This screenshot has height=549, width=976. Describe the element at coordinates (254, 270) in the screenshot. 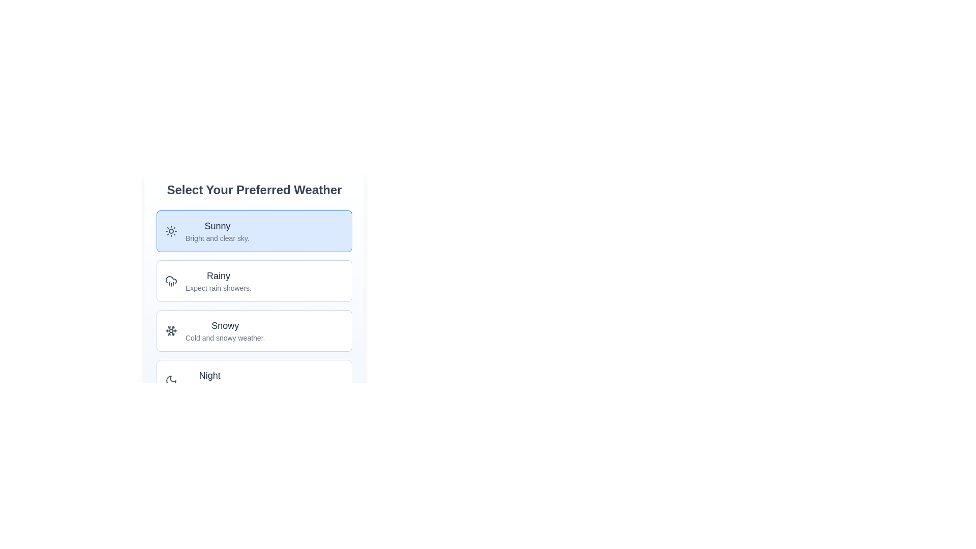

I see `the clickable list item for 'Rainy'` at that location.